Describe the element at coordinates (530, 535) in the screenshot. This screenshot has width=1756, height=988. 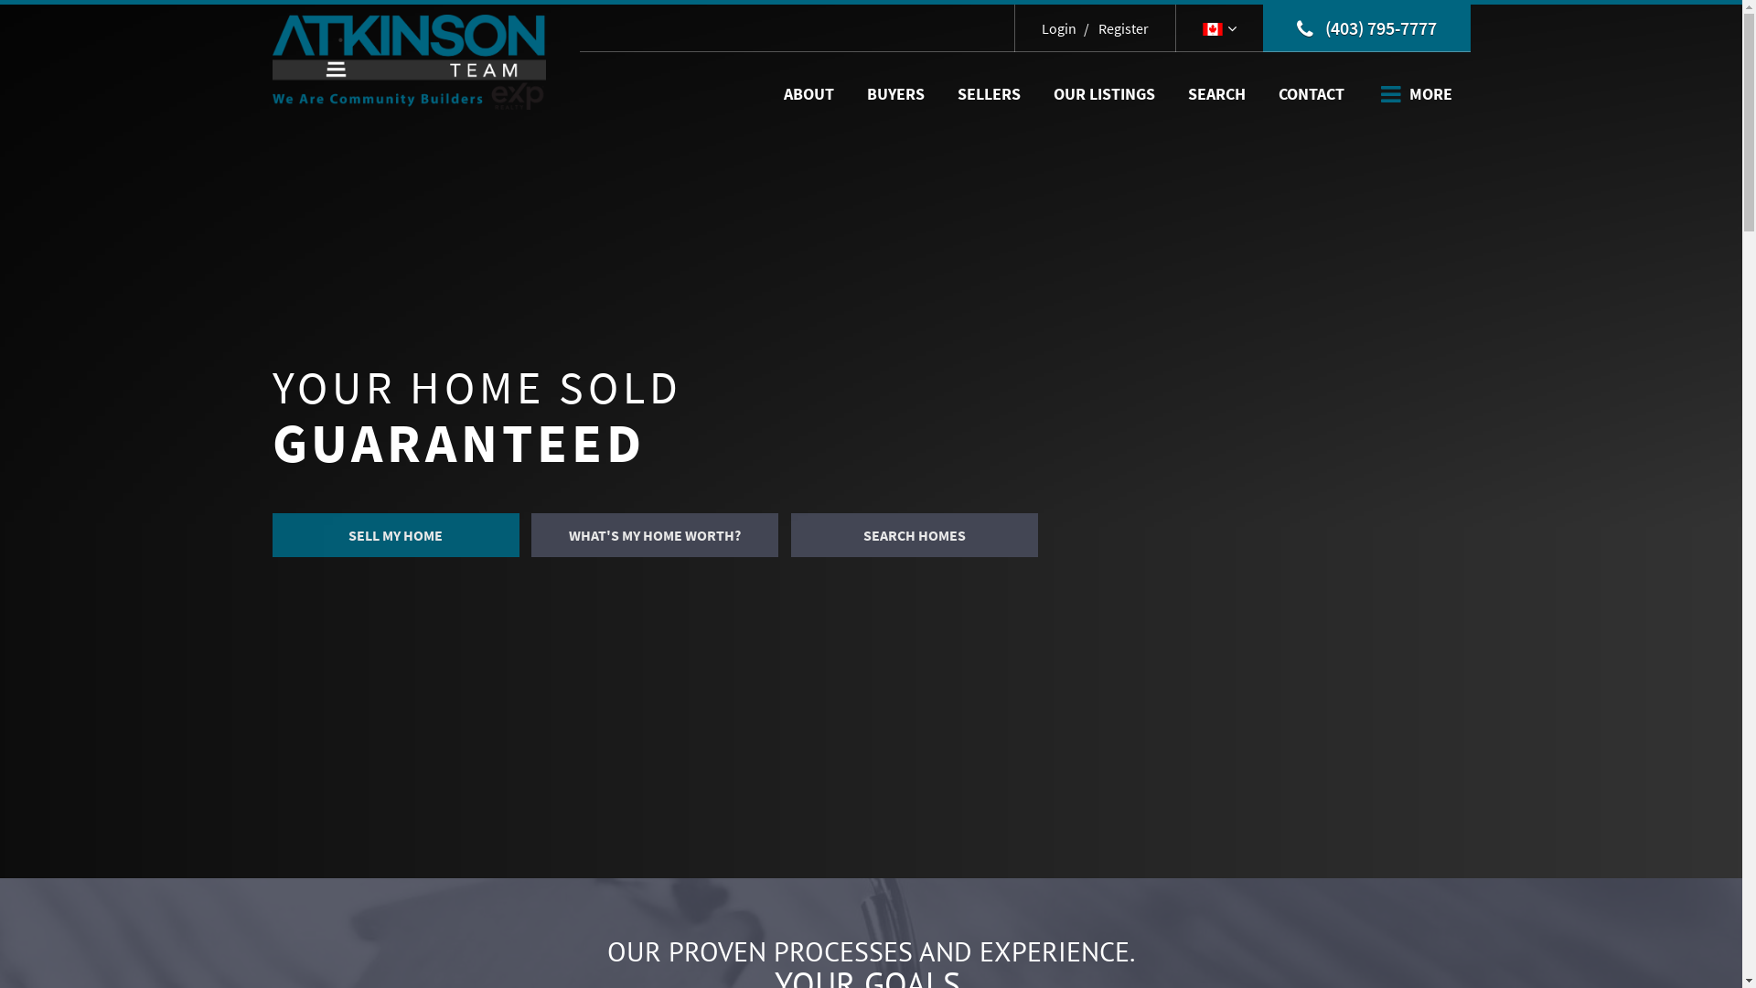
I see `'WHAT'S MY HOME WORTH?'` at that location.